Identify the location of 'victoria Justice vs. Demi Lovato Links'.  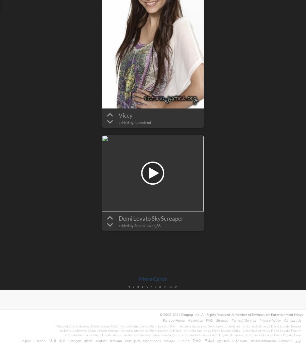
(212, 330).